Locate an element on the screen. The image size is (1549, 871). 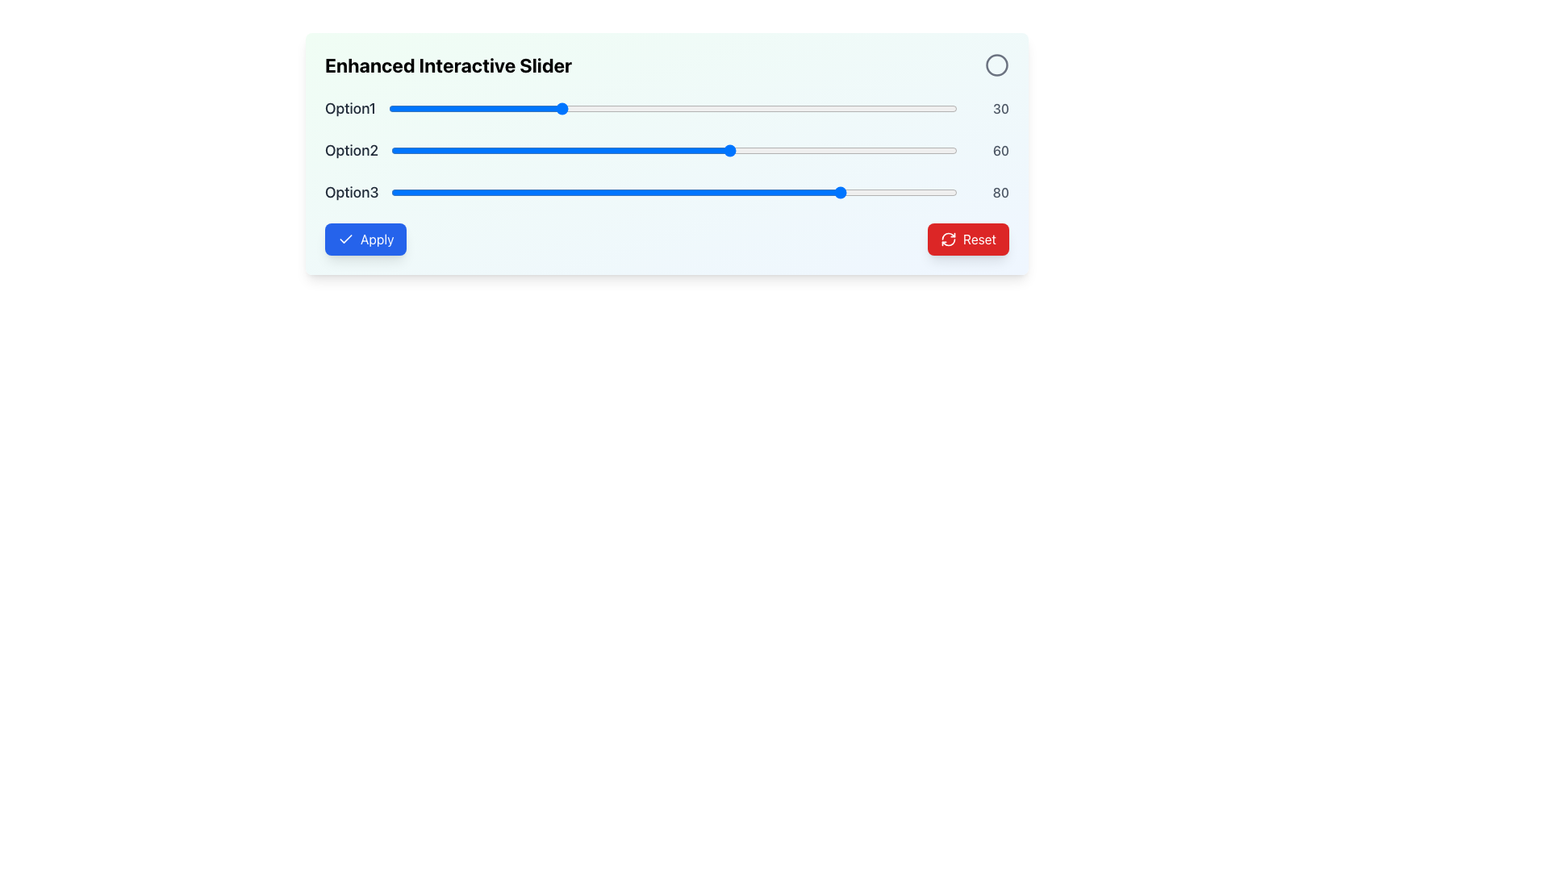
the value of the slider is located at coordinates (537, 109).